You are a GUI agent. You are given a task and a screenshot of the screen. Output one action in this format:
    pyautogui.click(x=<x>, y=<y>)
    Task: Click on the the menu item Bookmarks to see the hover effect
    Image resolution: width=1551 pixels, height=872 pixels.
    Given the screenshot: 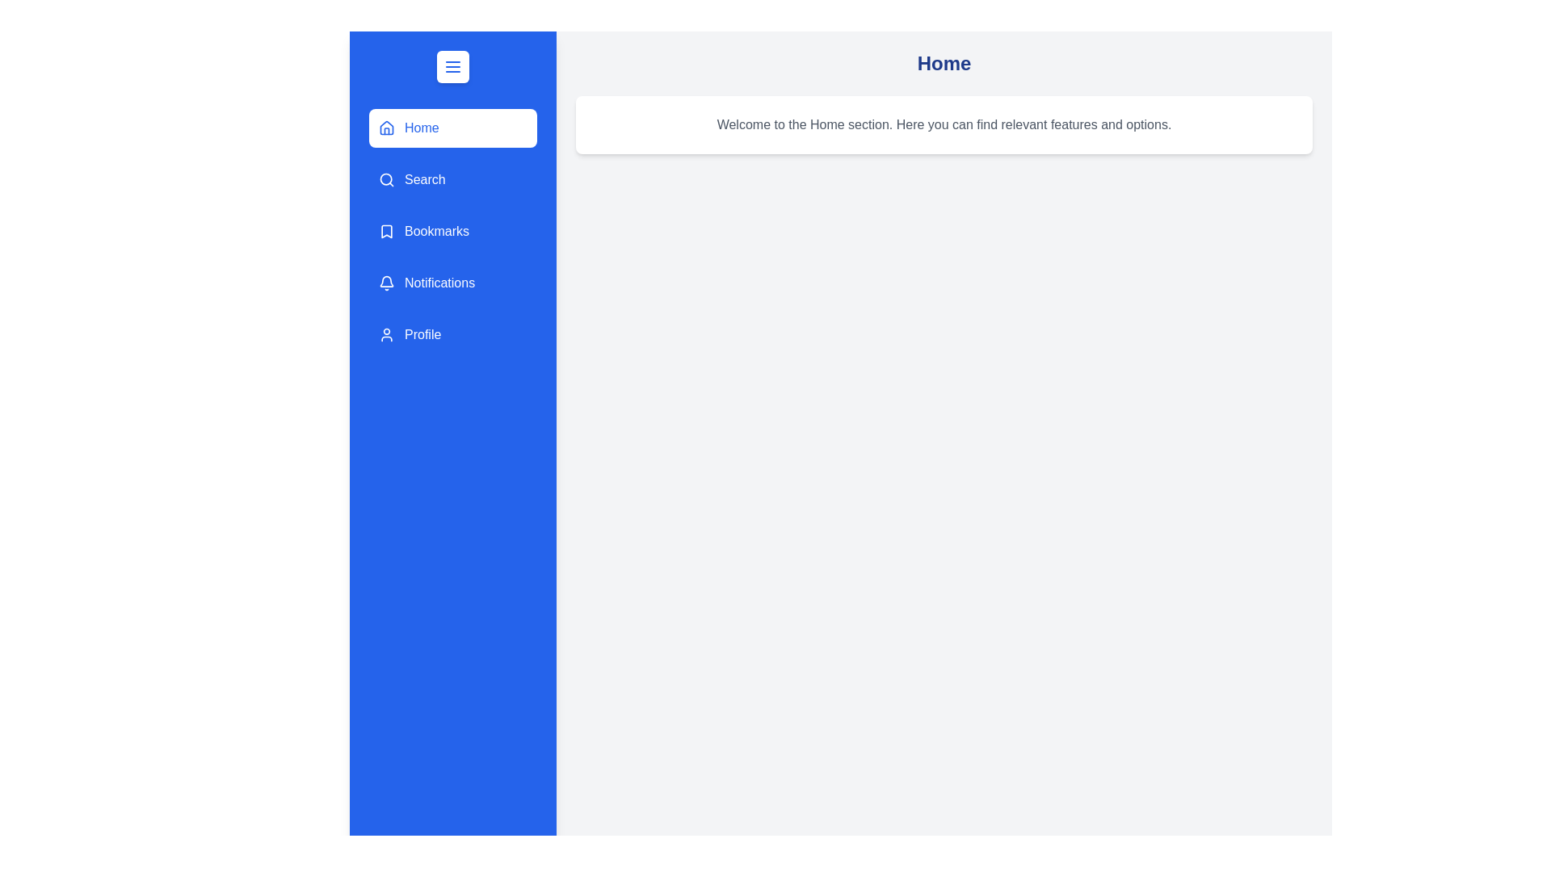 What is the action you would take?
    pyautogui.click(x=452, y=231)
    